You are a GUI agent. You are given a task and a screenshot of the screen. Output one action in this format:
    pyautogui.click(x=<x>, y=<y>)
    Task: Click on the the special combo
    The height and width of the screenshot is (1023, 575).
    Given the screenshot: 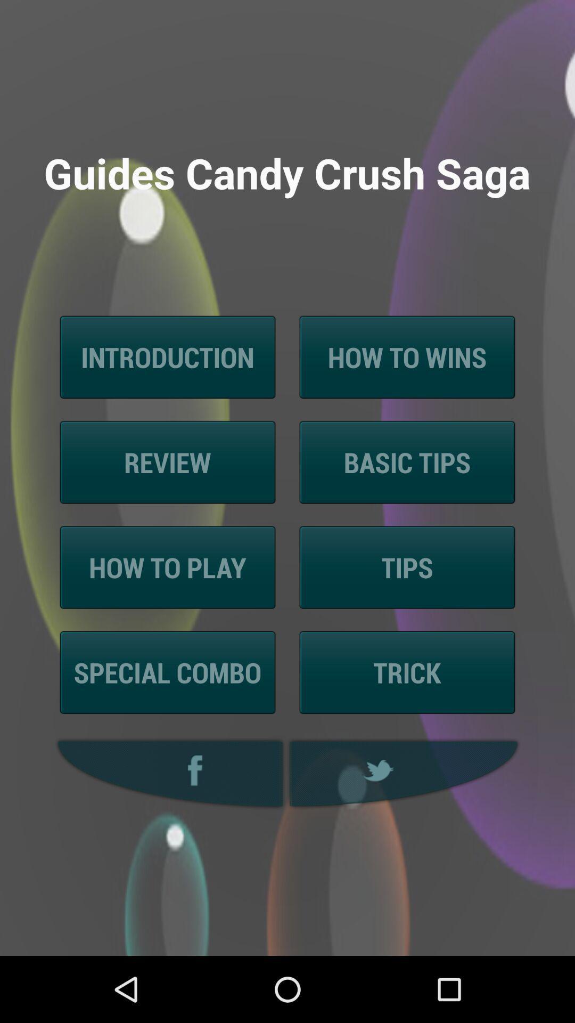 What is the action you would take?
    pyautogui.click(x=168, y=672)
    